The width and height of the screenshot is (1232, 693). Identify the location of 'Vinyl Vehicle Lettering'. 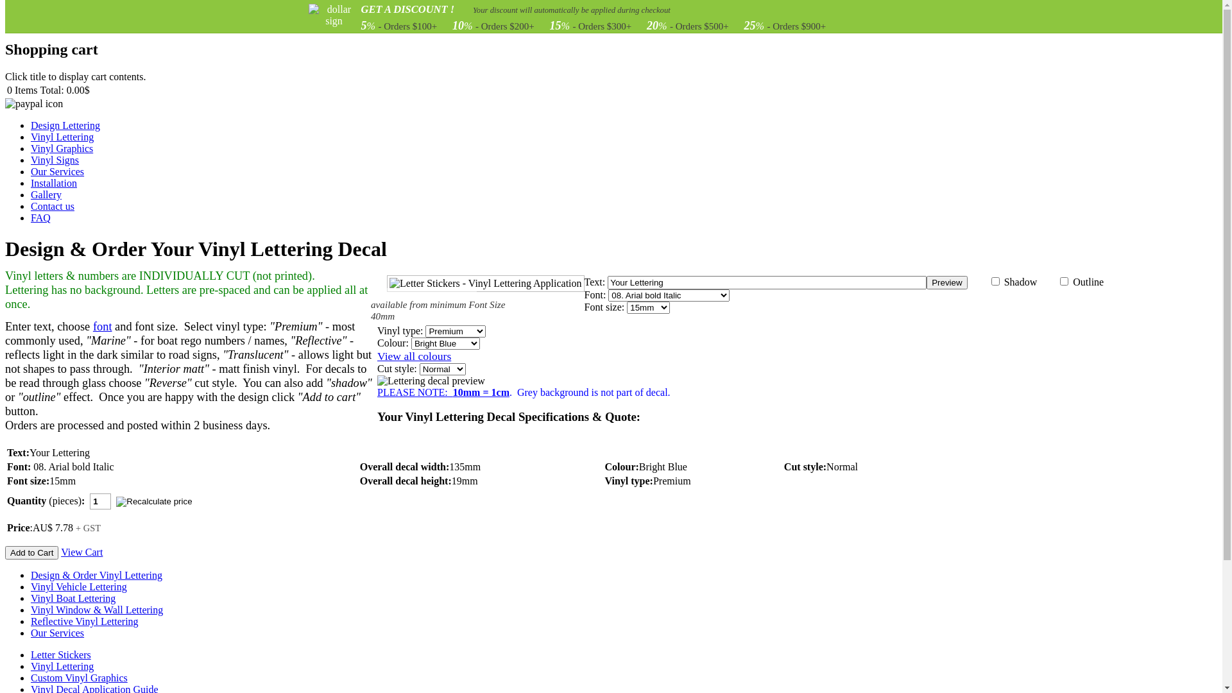
(78, 586).